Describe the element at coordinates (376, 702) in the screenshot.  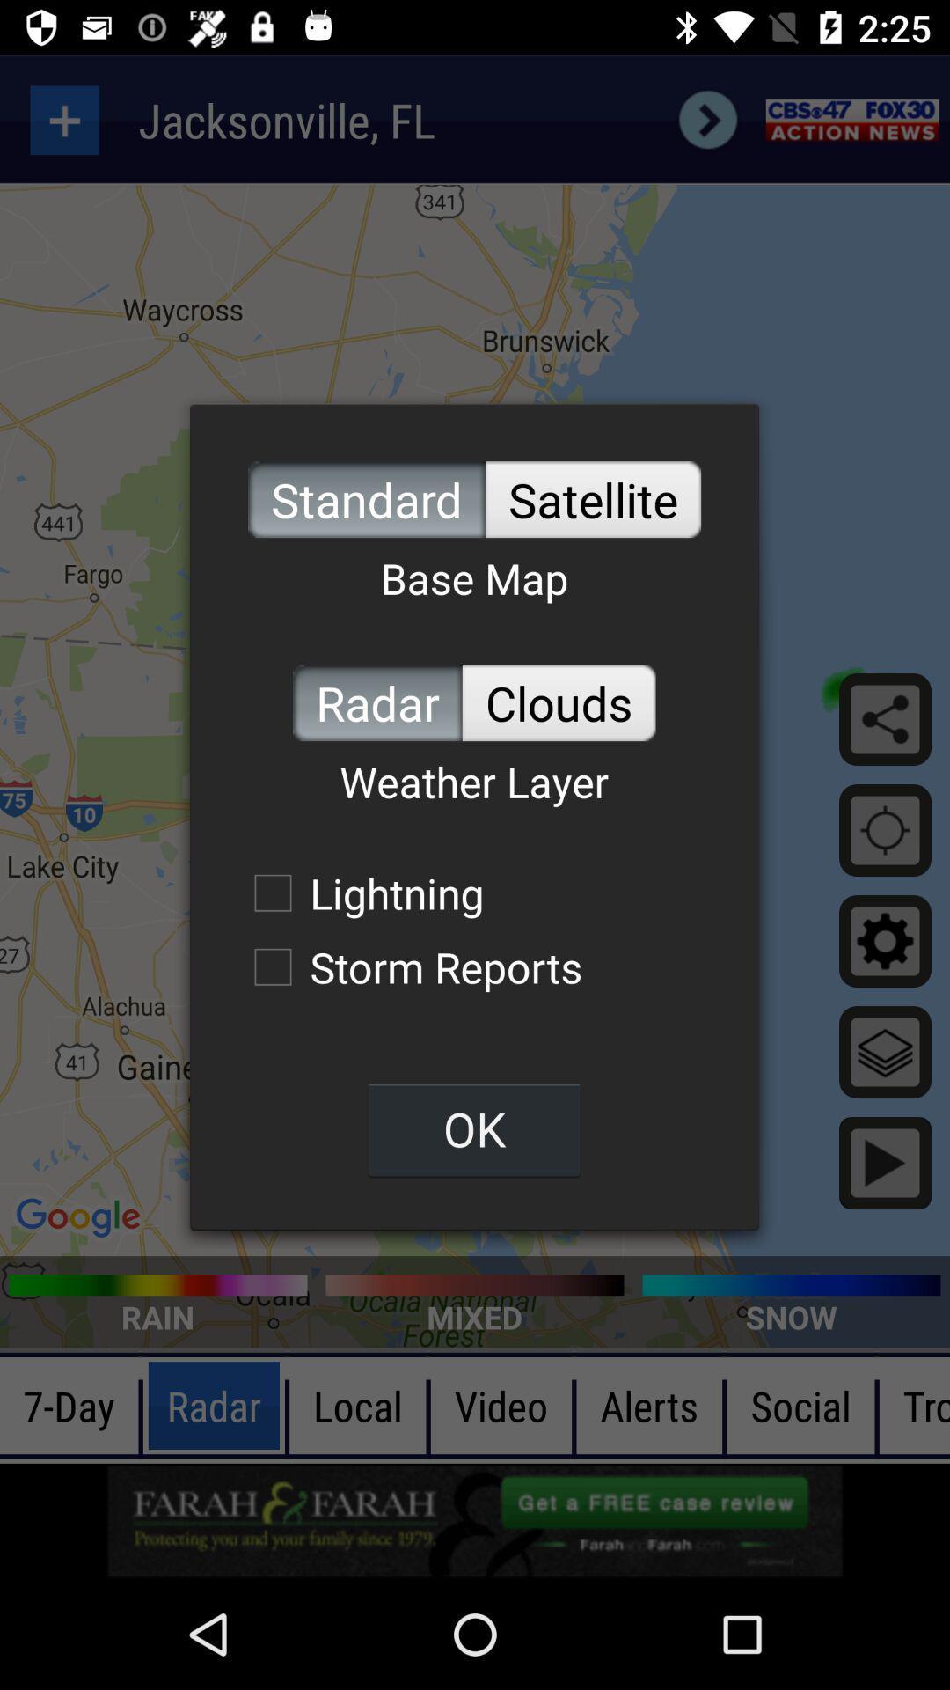
I see `the radar icon` at that location.